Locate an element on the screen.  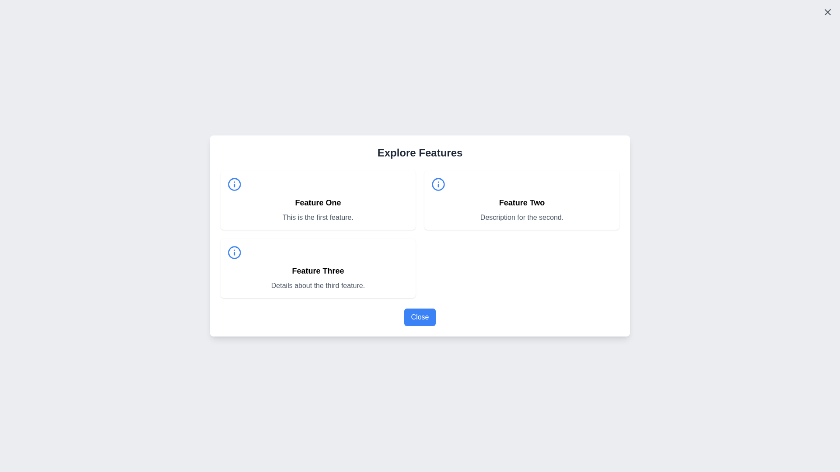
the Informational card element featuring 'Feature Three' with a blue icon and a white background, located in the bottom-left area of the grid layout is located at coordinates (317, 267).